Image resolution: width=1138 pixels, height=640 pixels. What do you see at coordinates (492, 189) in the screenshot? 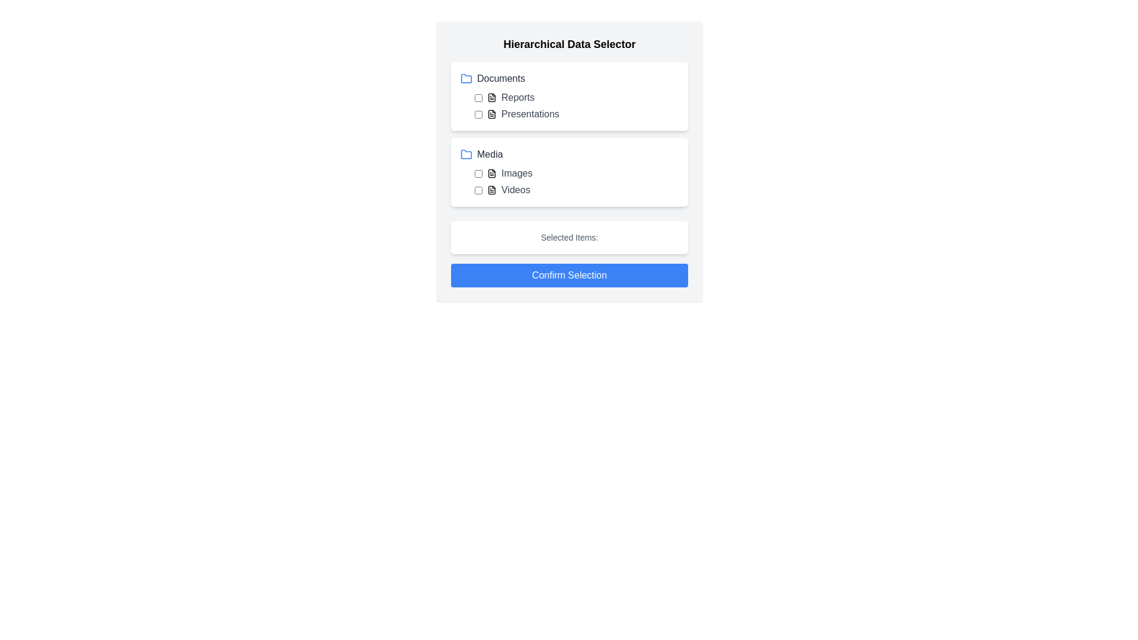
I see `the icon representing the 'Videos' content type, located between the checkbox and the 'Videos' label under the 'Media' folder` at bounding box center [492, 189].